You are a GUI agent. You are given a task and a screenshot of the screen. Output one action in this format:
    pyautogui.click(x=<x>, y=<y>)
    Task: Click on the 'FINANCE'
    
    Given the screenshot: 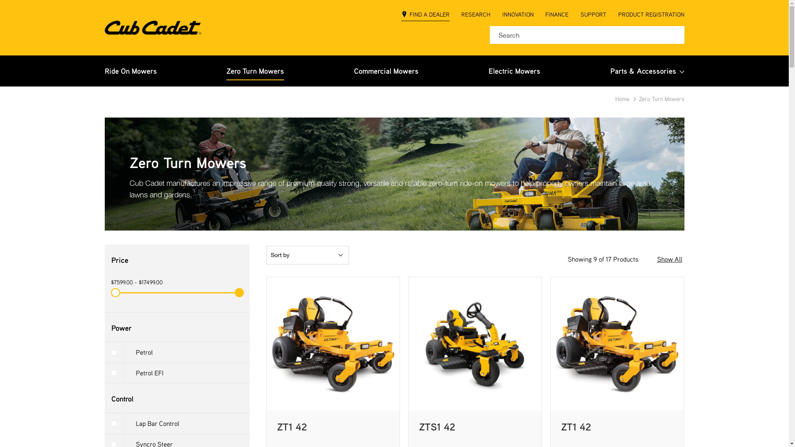 What is the action you would take?
    pyautogui.click(x=545, y=15)
    